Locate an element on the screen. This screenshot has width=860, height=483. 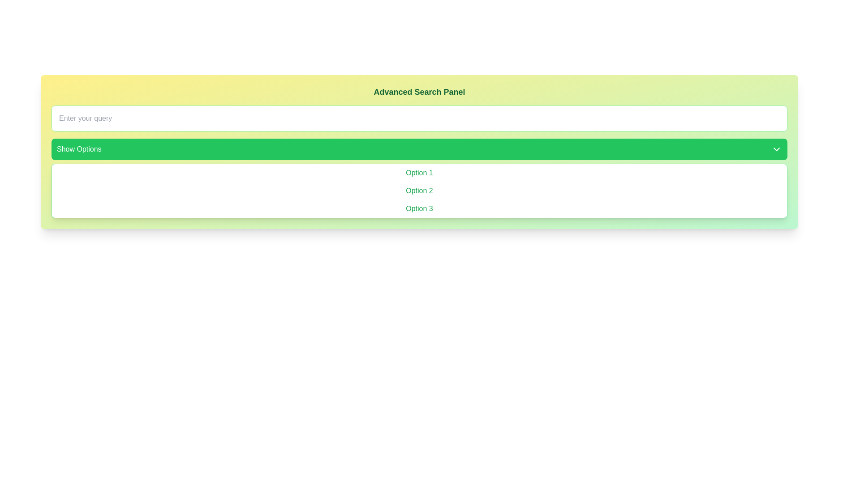
the Dropdown Toggle Button located in the middle part of the interface is located at coordinates (419, 149).